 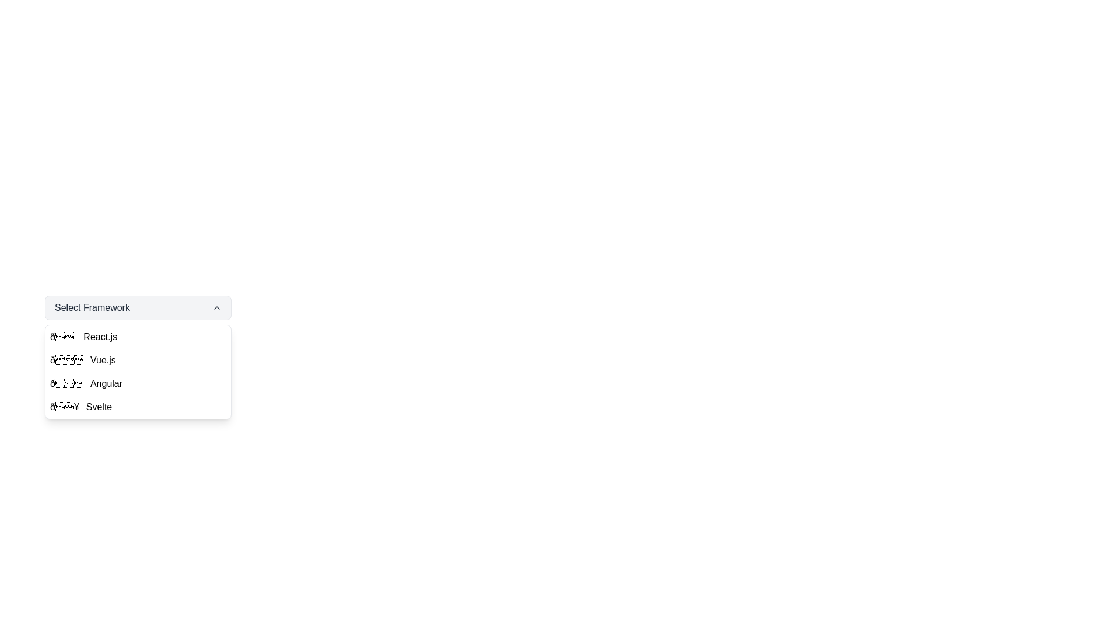 I want to click on the decorative icon located to the left of the 'React.js' text in the dropdown menu under 'Select Framework' for selection, so click(x=62, y=337).